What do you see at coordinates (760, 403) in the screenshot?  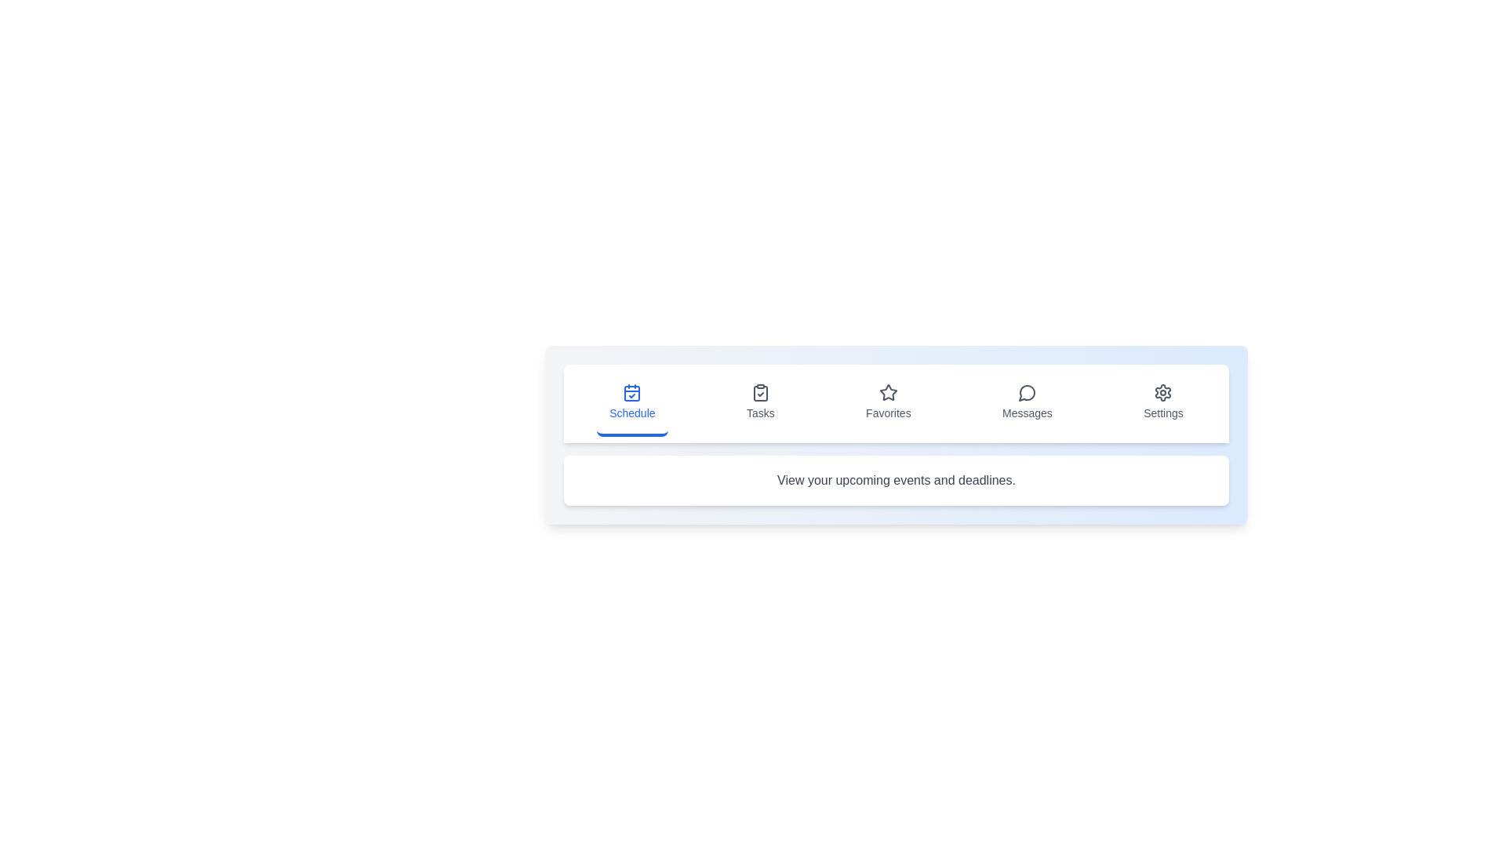 I see `the icon corresponding to Tasks` at bounding box center [760, 403].